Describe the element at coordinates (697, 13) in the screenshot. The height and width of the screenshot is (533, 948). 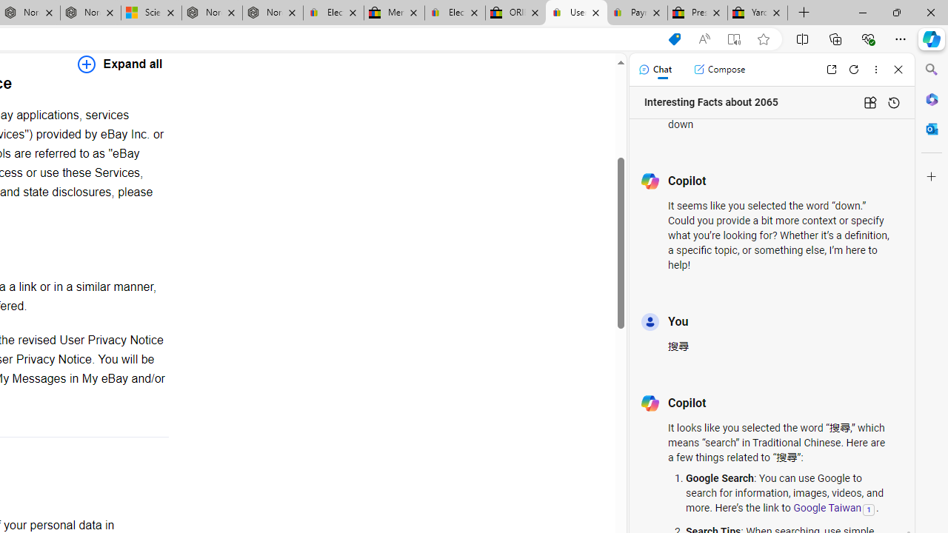
I see `'Press Room - eBay Inc.'` at that location.